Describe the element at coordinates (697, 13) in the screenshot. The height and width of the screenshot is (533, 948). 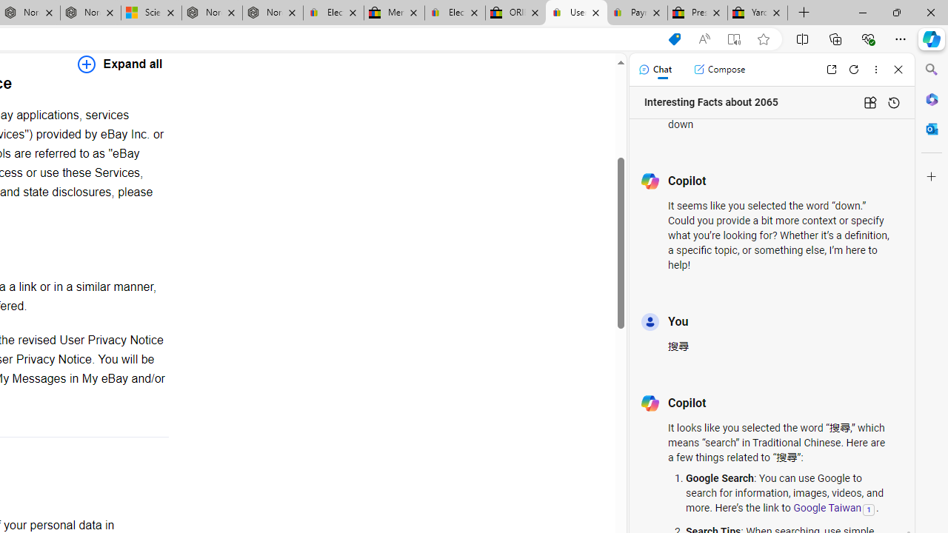
I see `'Press Room - eBay Inc.'` at that location.